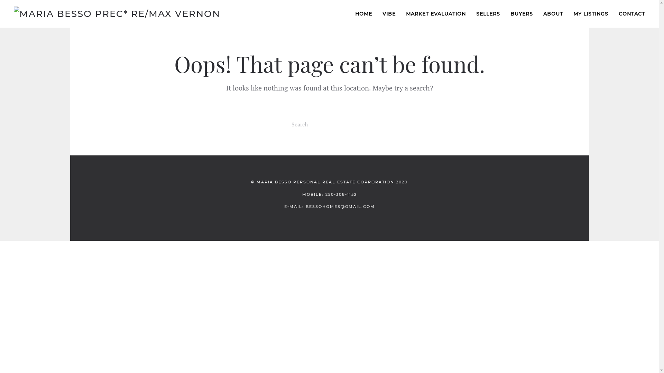 This screenshot has width=664, height=373. Describe the element at coordinates (435, 13) in the screenshot. I see `'MARKET EVALUATION'` at that location.